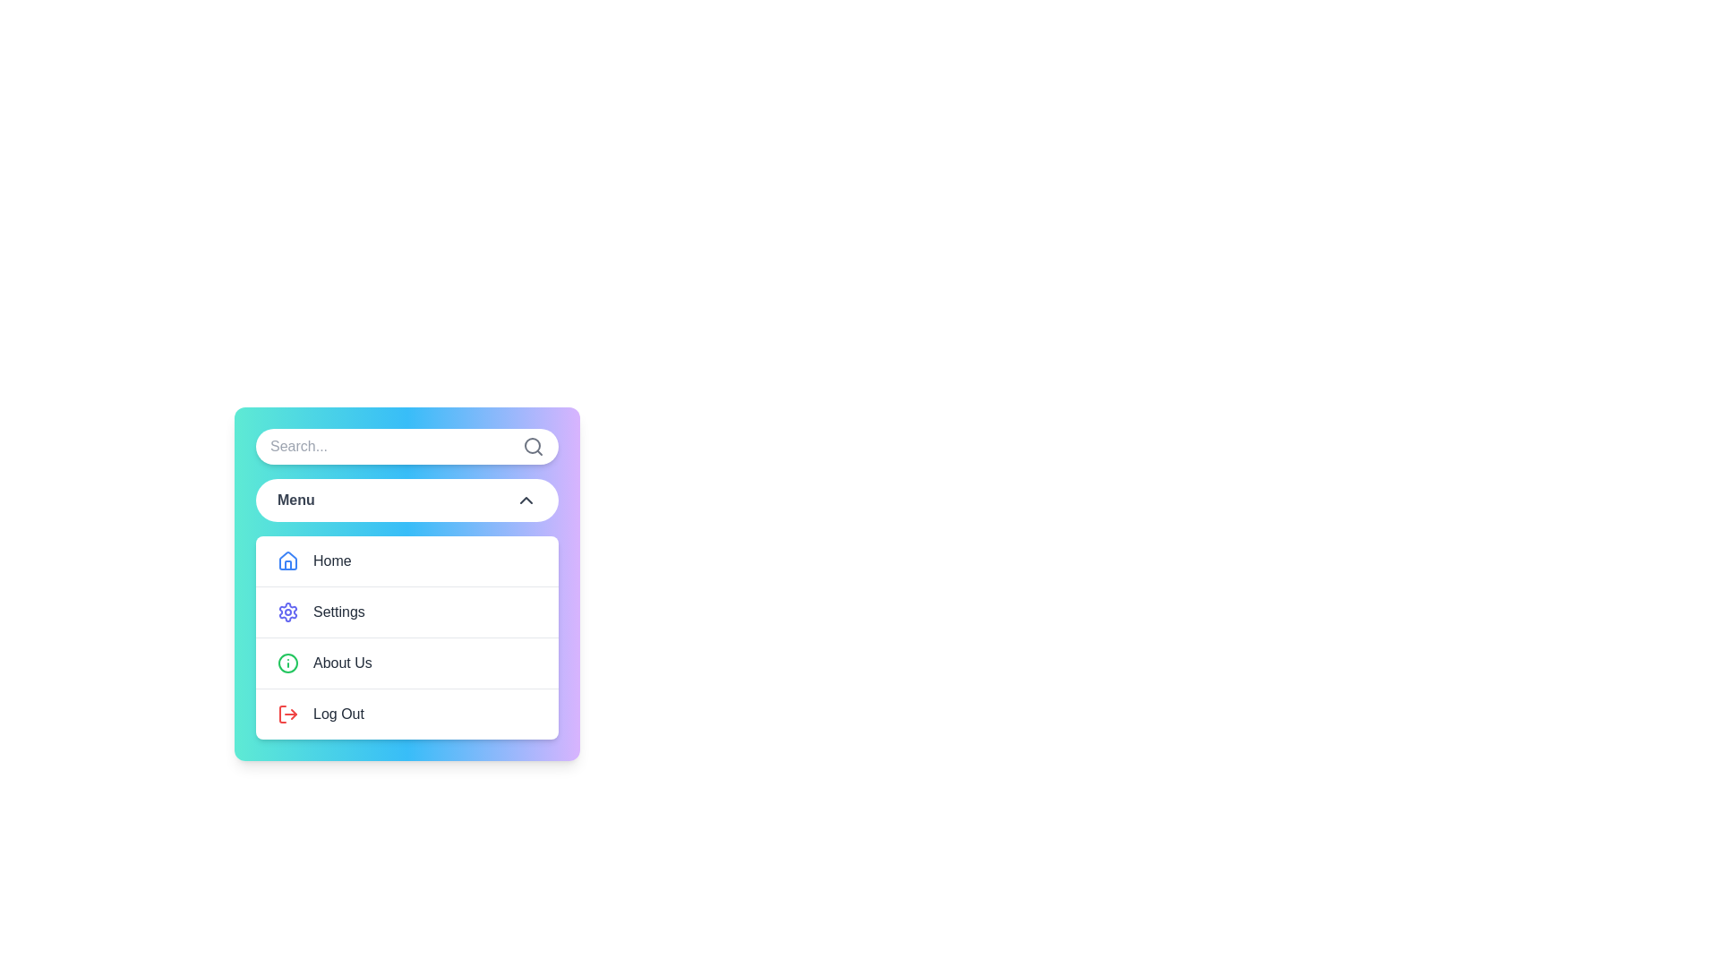 This screenshot has height=967, width=1719. What do you see at coordinates (287, 561) in the screenshot?
I see `the blue outlined house icon, which is highlighted and located to the left of the text 'Home' in the vertical menu` at bounding box center [287, 561].